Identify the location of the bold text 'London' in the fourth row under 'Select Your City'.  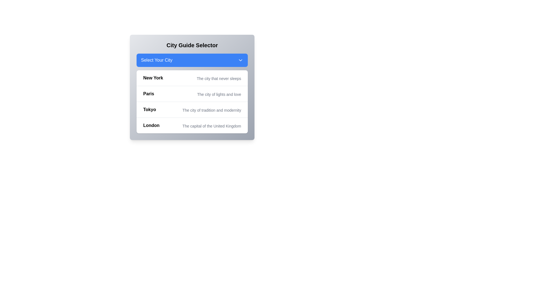
(151, 125).